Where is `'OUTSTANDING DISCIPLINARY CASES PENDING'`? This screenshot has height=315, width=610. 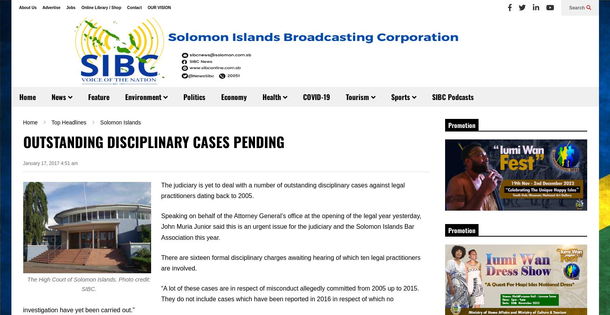 'OUTSTANDING DISCIPLINARY CASES PENDING' is located at coordinates (22, 141).